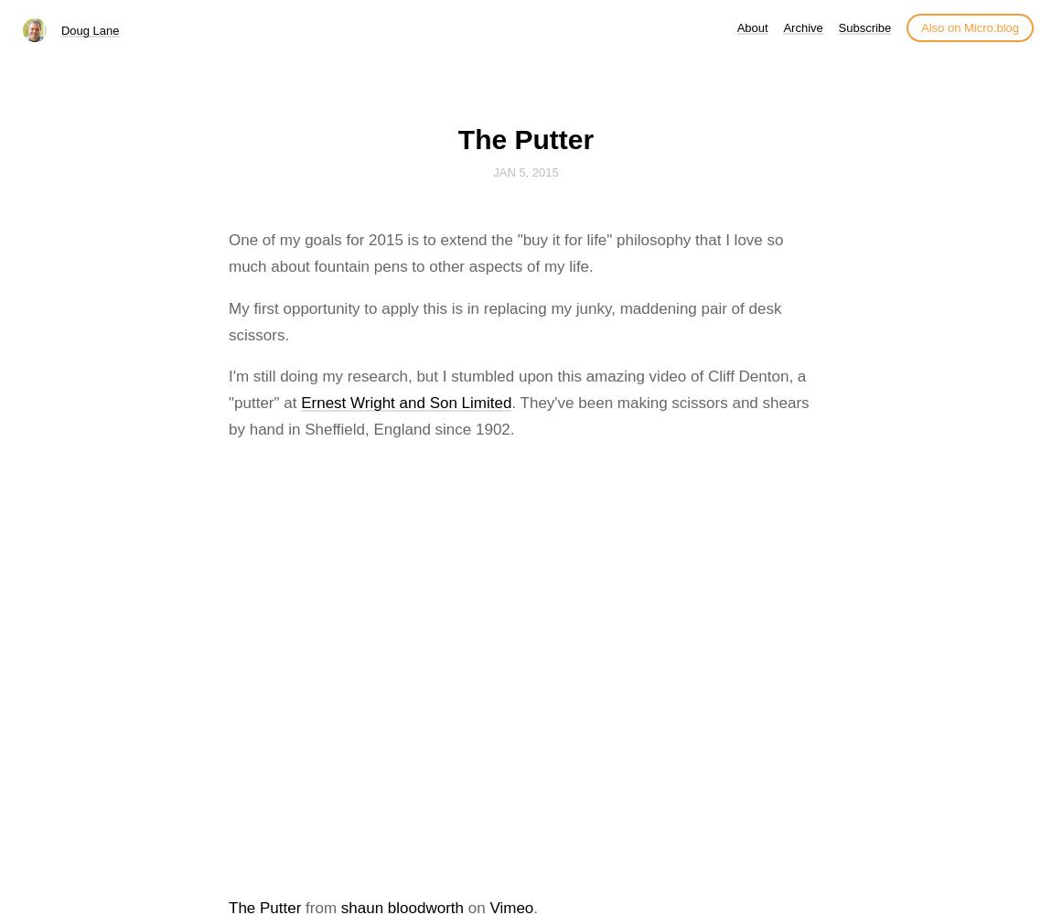 The image size is (1052, 915). What do you see at coordinates (506, 253) in the screenshot?
I see `'One of my goals for 2015 is to extend the "buy it for life" philosophy that I love so much about fountain pens to other aspects of my life.'` at bounding box center [506, 253].